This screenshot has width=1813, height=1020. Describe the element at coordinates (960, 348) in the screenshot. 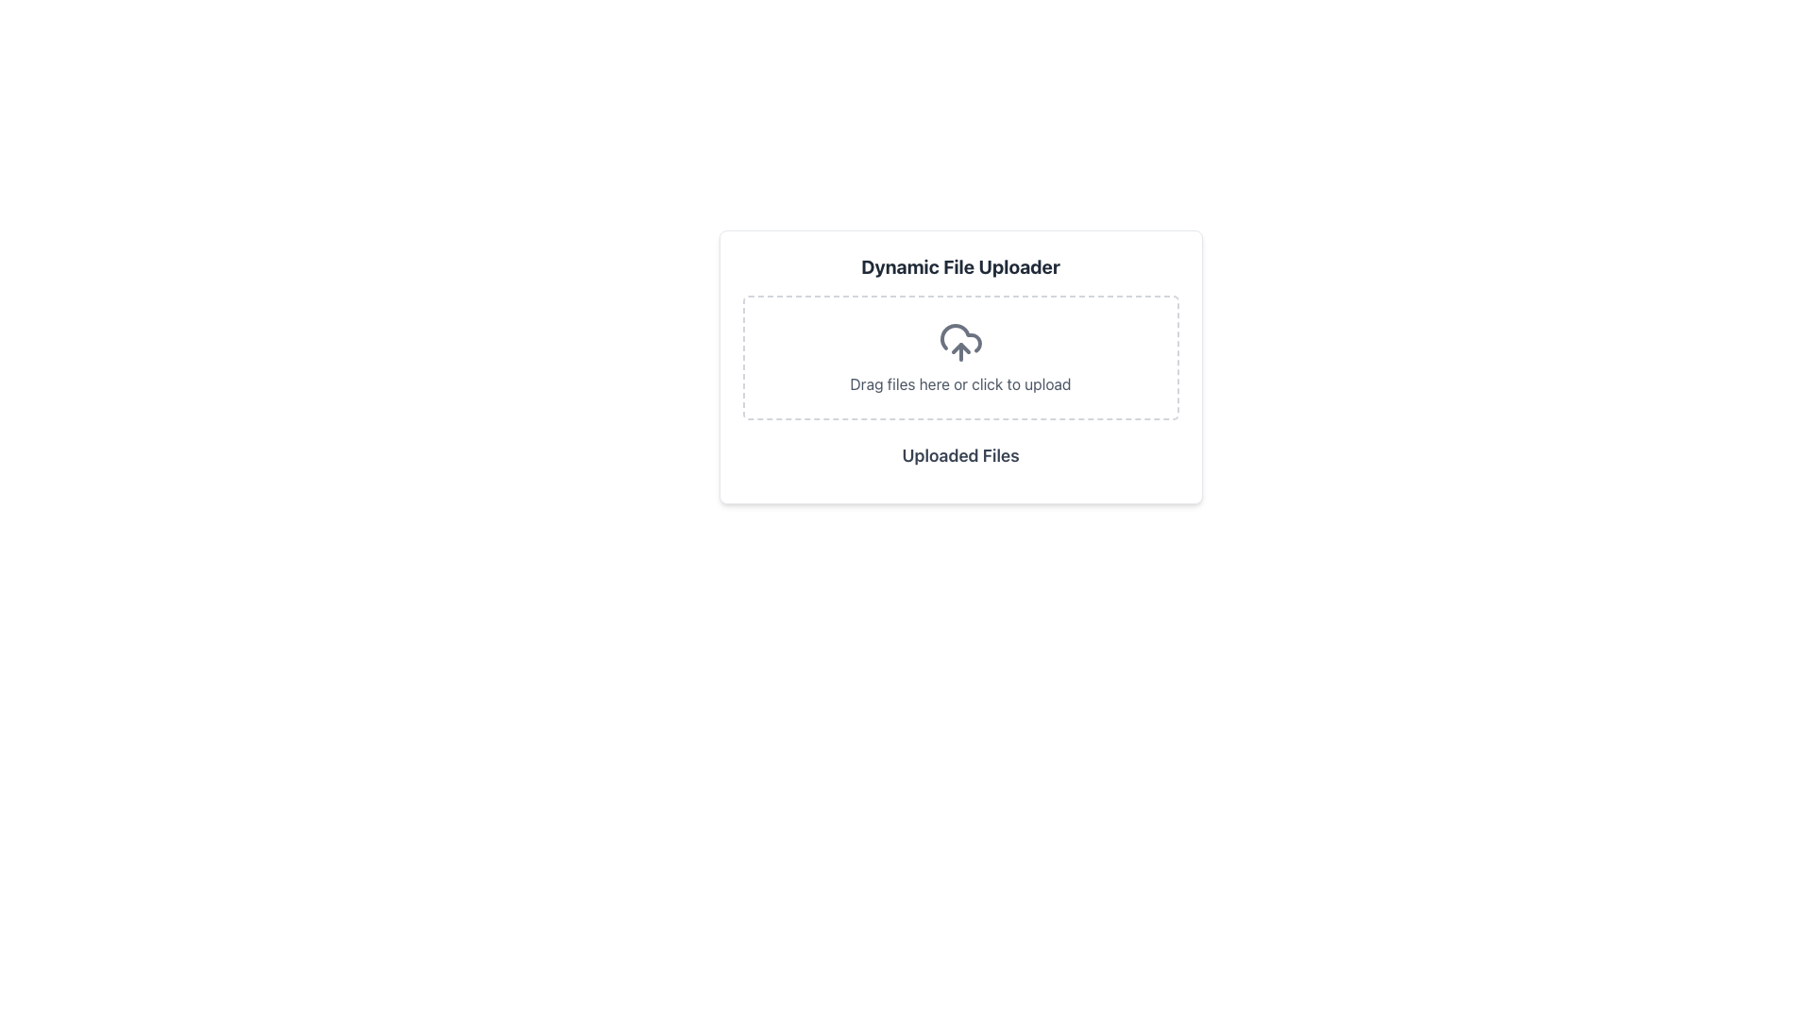

I see `the downward-pointing arrow in the center of the cloud icon within the 'Dynamic File Uploader' card` at that location.